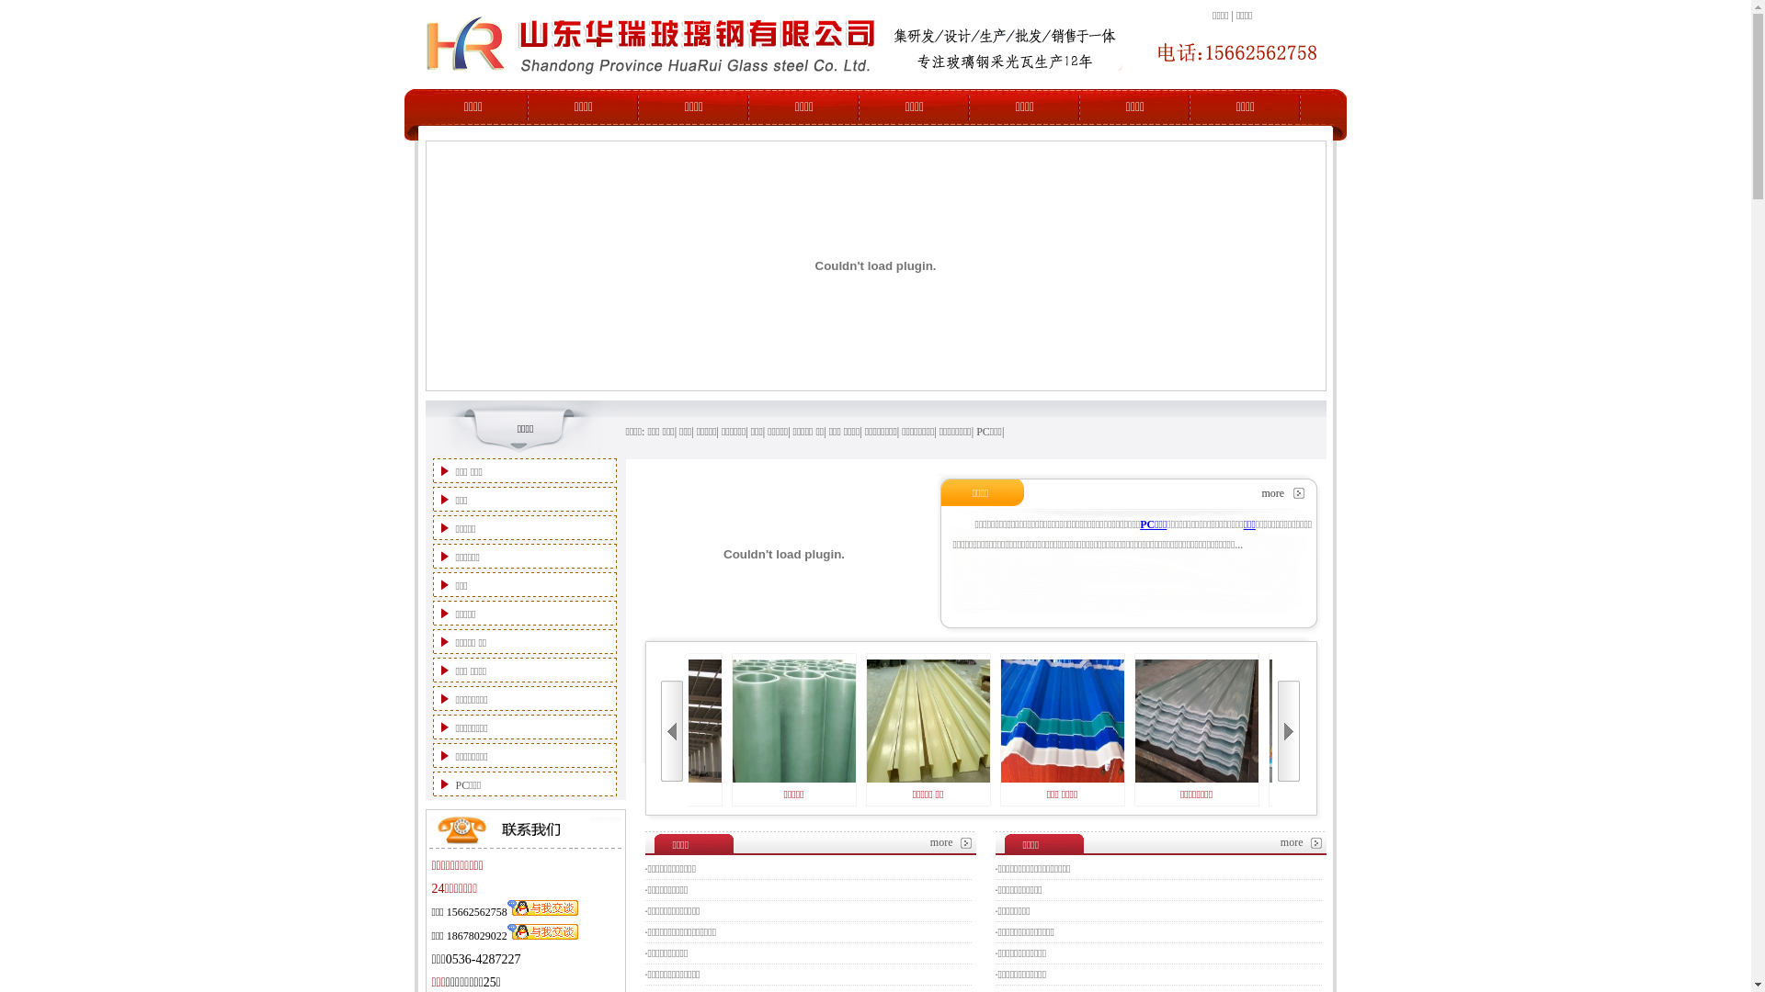 The height and width of the screenshot is (992, 1765). Describe the element at coordinates (1271, 491) in the screenshot. I see `'more'` at that location.